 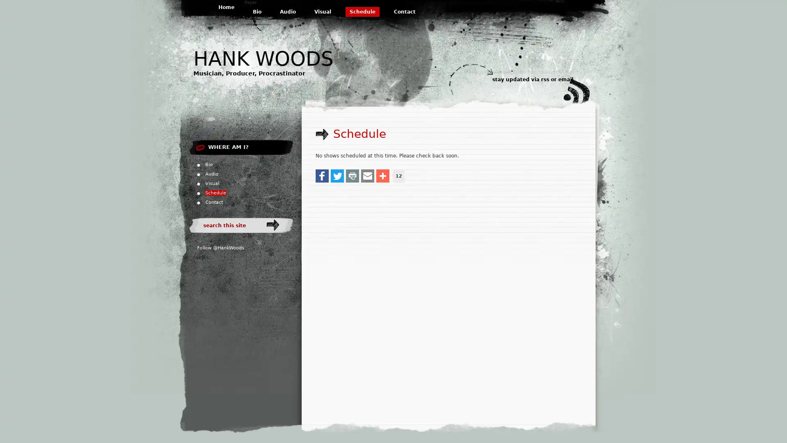 What do you see at coordinates (382, 175) in the screenshot?
I see `Share to More` at bounding box center [382, 175].